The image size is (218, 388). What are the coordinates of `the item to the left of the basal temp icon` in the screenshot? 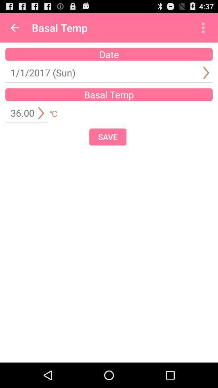 It's located at (15, 27).